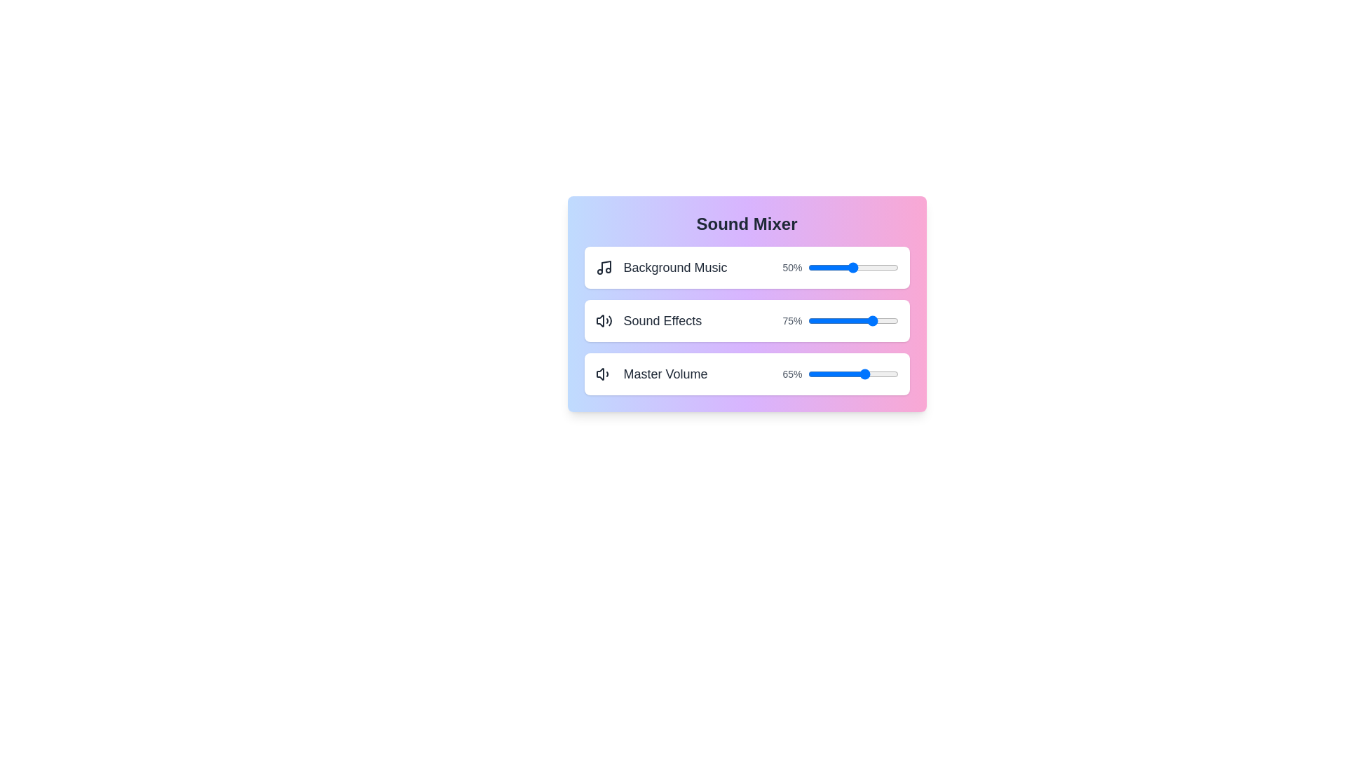 This screenshot has height=757, width=1346. Describe the element at coordinates (604, 321) in the screenshot. I see `the sound control icon for Sound Effects` at that location.